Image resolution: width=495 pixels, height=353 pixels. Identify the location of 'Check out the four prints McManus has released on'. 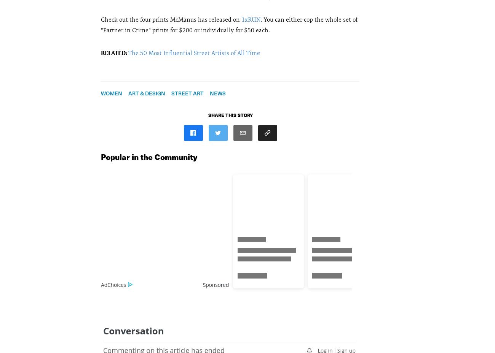
(171, 19).